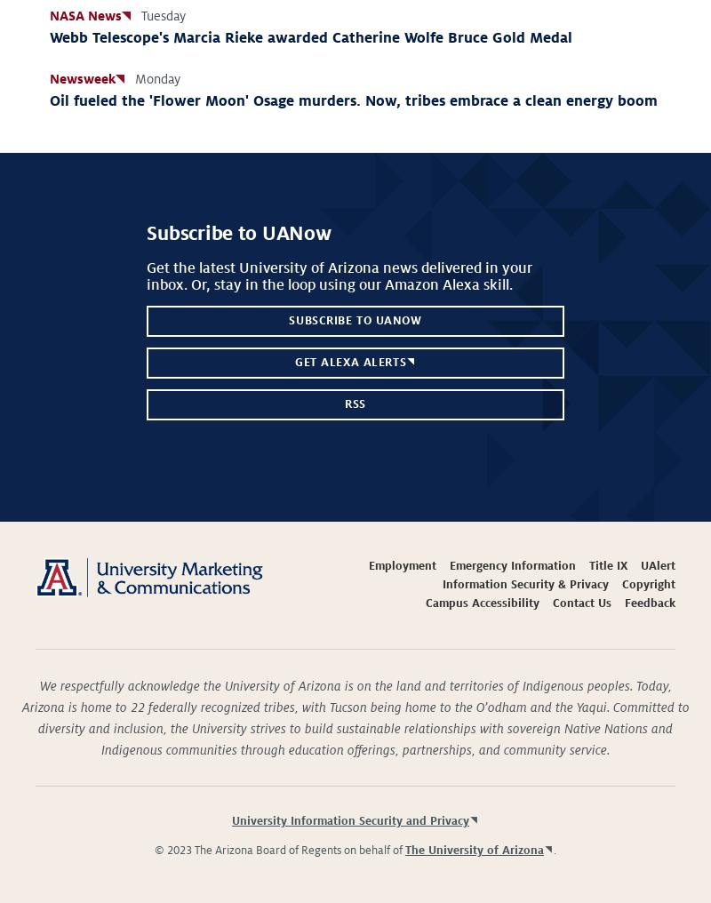 This screenshot has height=903, width=711. What do you see at coordinates (607, 565) in the screenshot?
I see `'Title IX'` at bounding box center [607, 565].